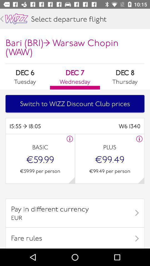 The height and width of the screenshot is (266, 150). Describe the element at coordinates (141, 180) in the screenshot. I see `more details` at that location.